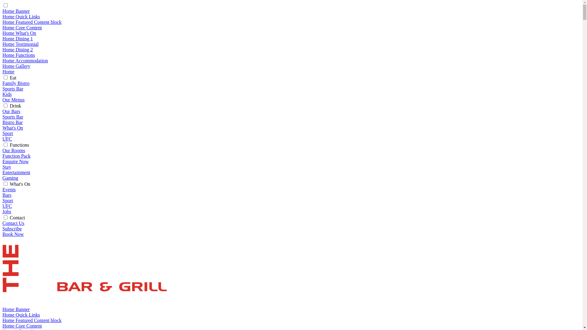  Describe the element at coordinates (16, 172) in the screenshot. I see `'Entertainment'` at that location.